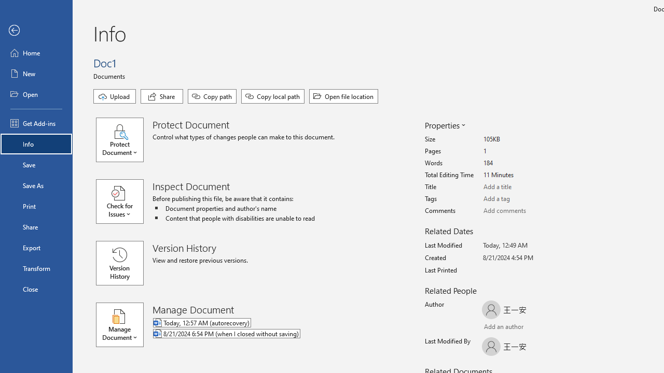 The width and height of the screenshot is (664, 373). Describe the element at coordinates (522, 151) in the screenshot. I see `'Pages'` at that location.